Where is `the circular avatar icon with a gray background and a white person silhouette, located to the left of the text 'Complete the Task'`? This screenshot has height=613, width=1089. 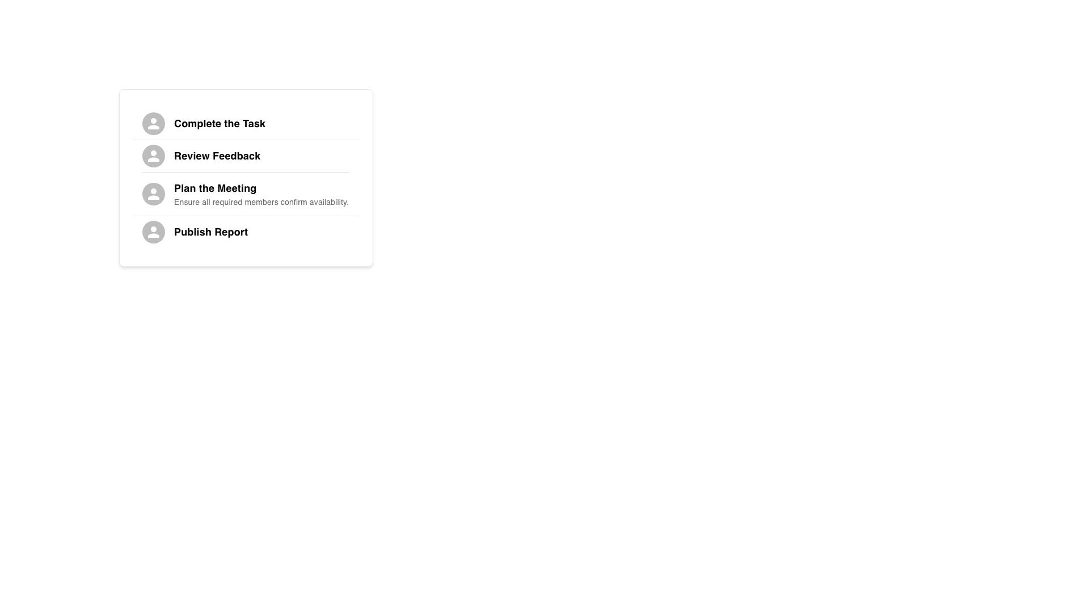
the circular avatar icon with a gray background and a white person silhouette, located to the left of the text 'Complete the Task' is located at coordinates (153, 124).